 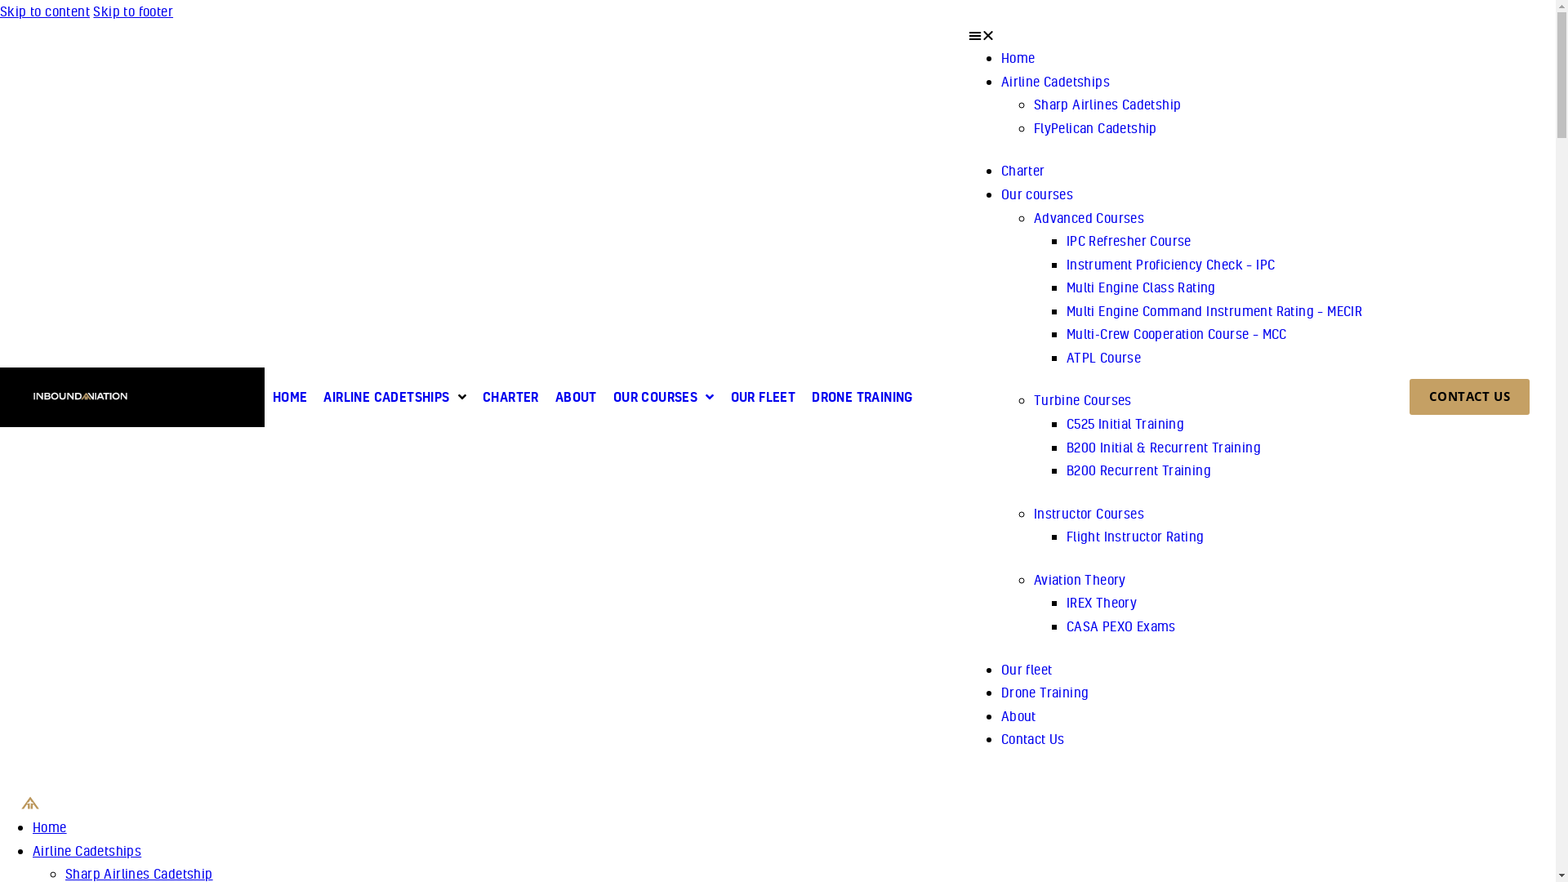 What do you see at coordinates (1140, 286) in the screenshot?
I see `'Multi Engine Class Rating'` at bounding box center [1140, 286].